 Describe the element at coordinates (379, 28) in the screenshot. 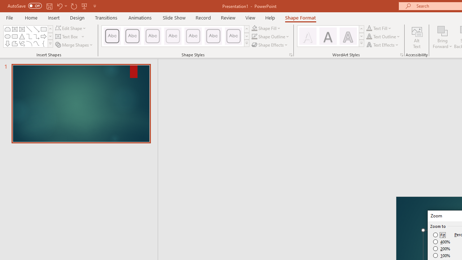

I see `'Text Fill'` at that location.